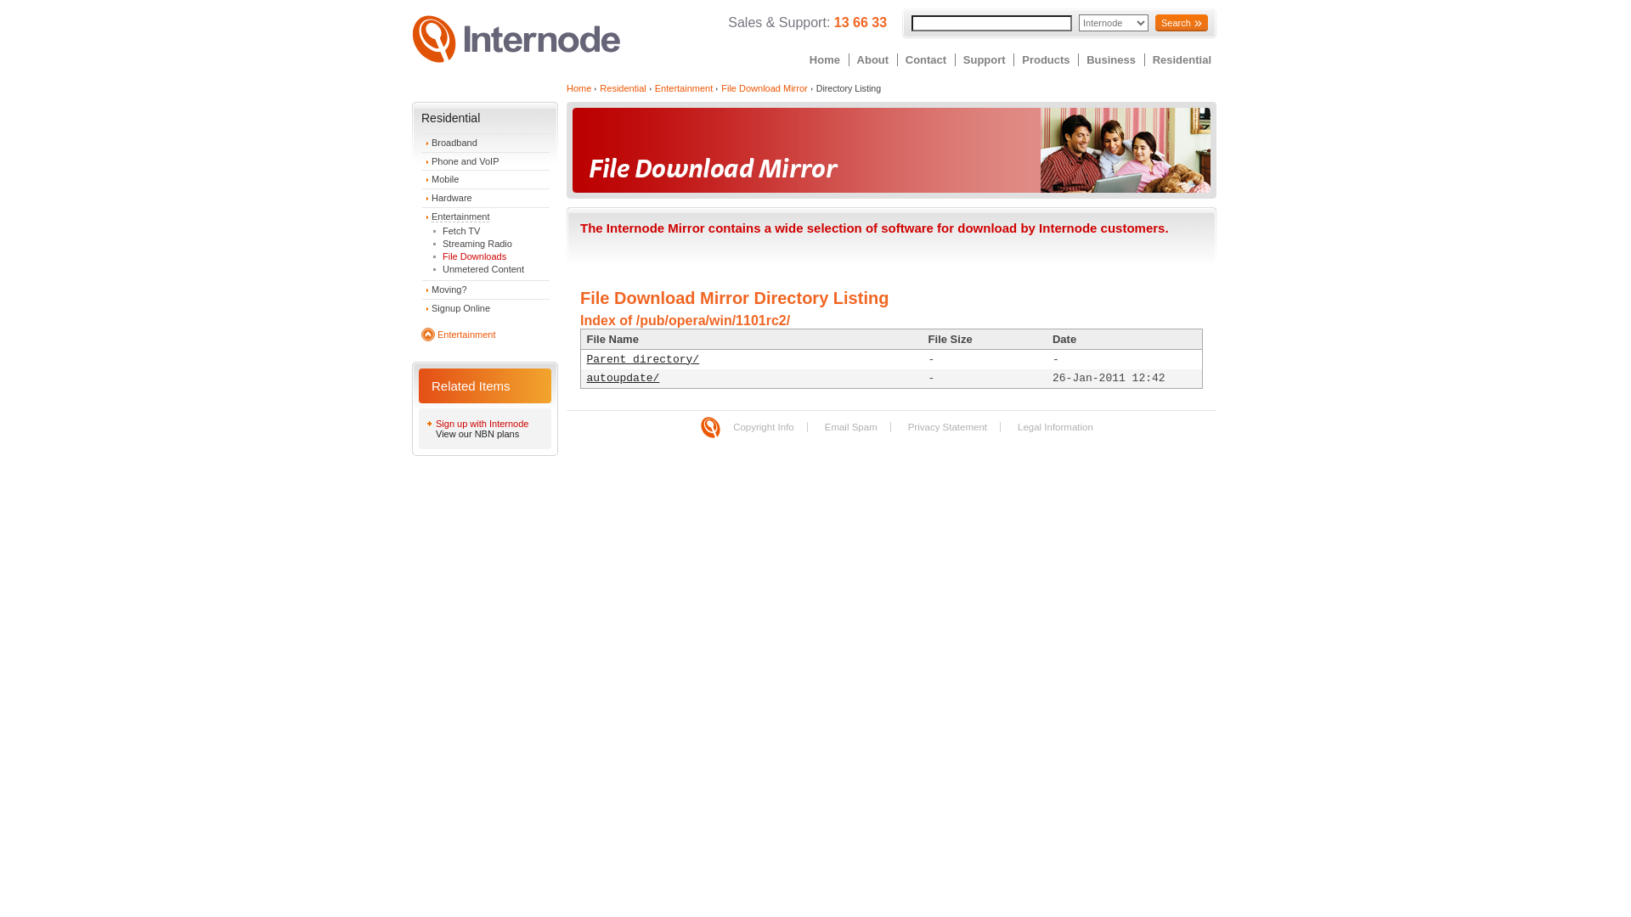 Image resolution: width=1631 pixels, height=917 pixels. What do you see at coordinates (432, 307) in the screenshot?
I see `'Signup Online'` at bounding box center [432, 307].